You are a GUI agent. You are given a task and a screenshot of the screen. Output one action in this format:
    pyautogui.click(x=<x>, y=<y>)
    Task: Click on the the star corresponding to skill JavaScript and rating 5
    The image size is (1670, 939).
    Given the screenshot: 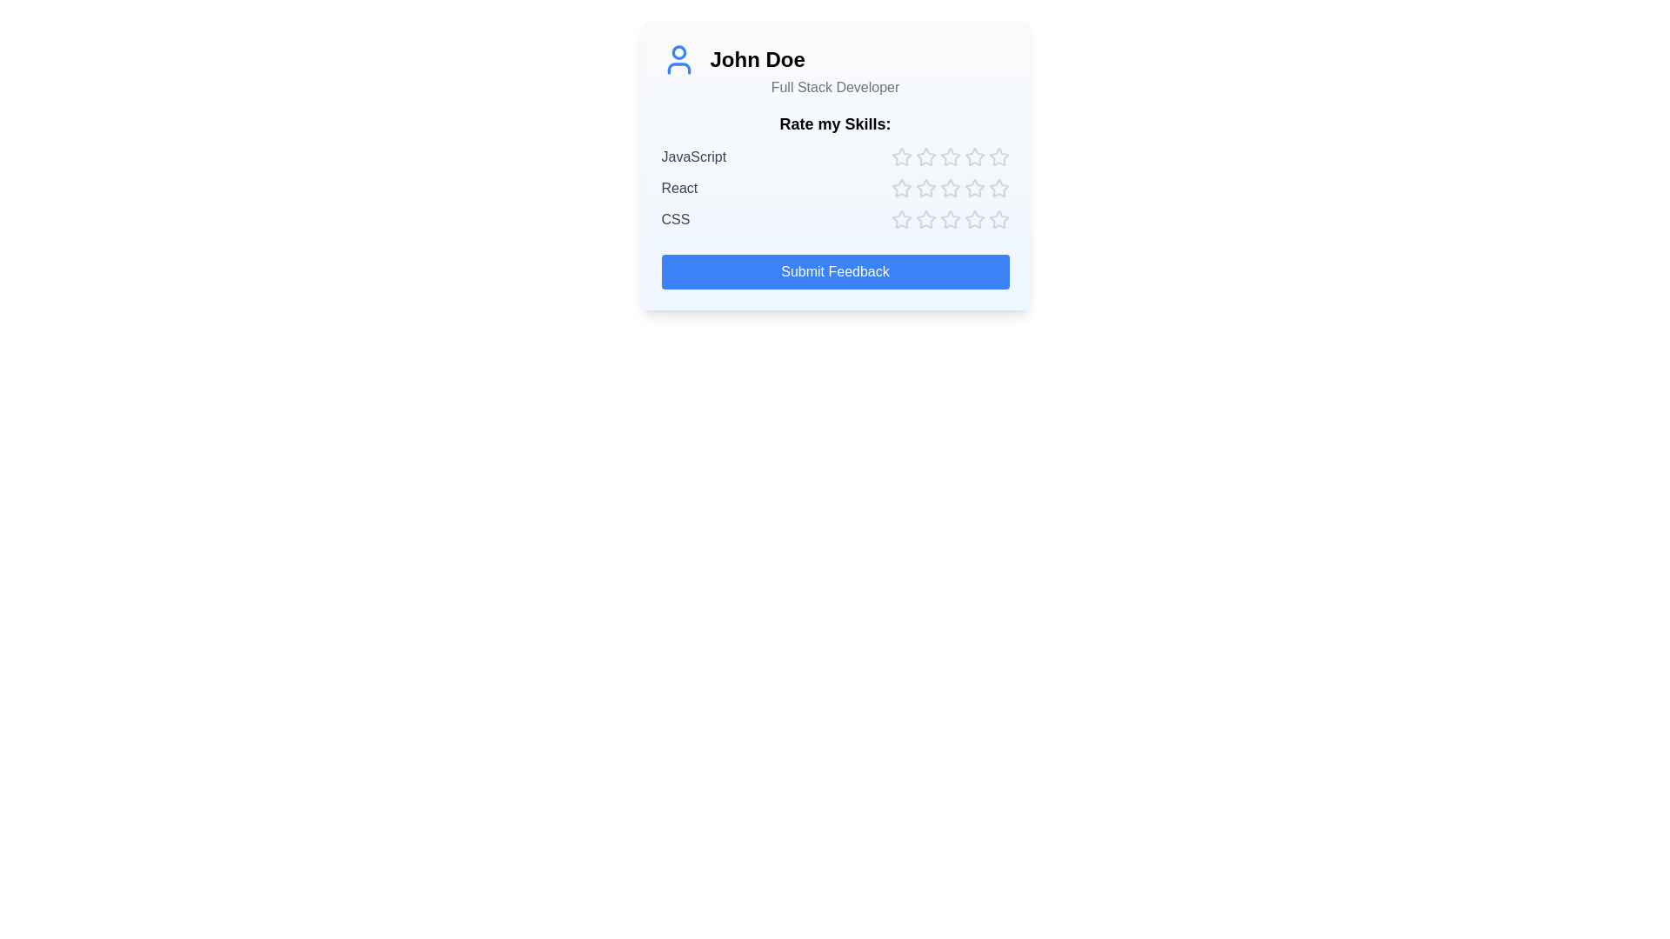 What is the action you would take?
    pyautogui.click(x=999, y=157)
    